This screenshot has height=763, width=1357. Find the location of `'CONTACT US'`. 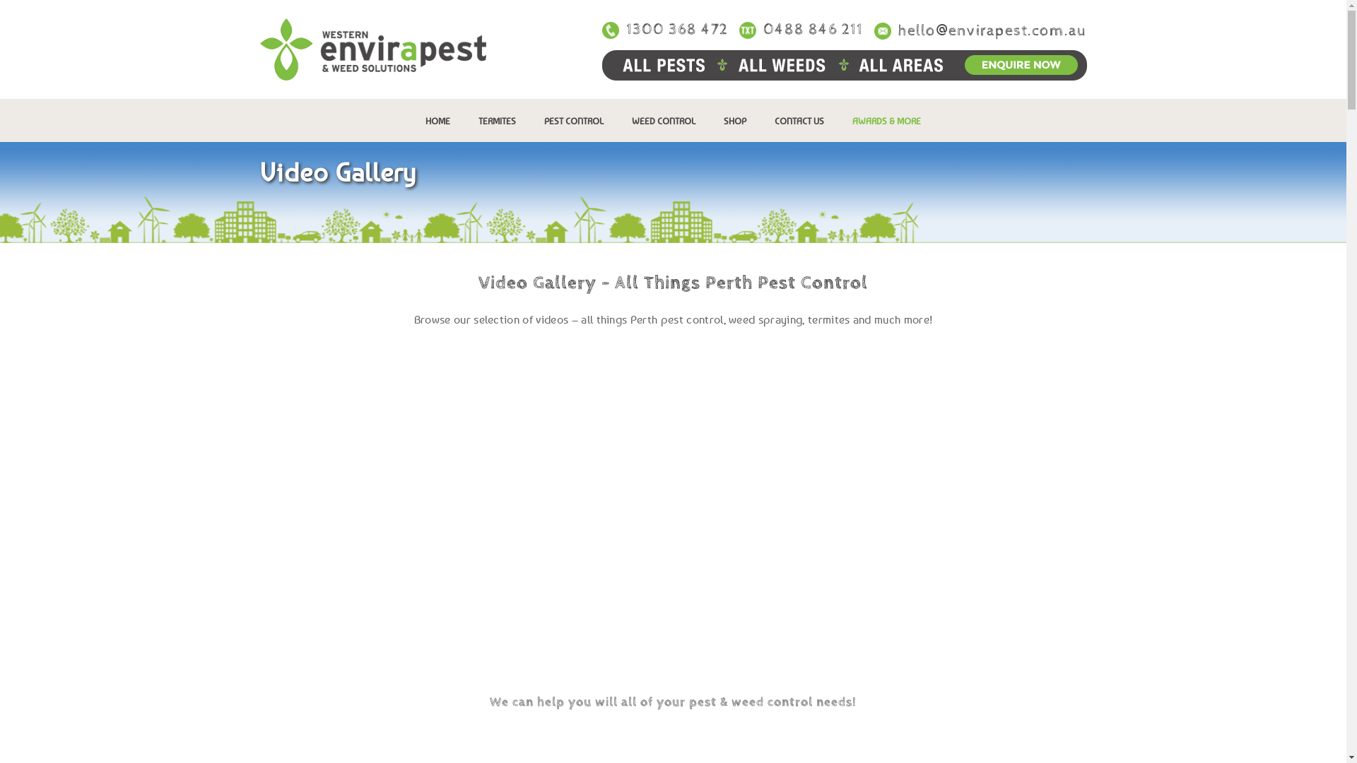

'CONTACT US' is located at coordinates (799, 119).